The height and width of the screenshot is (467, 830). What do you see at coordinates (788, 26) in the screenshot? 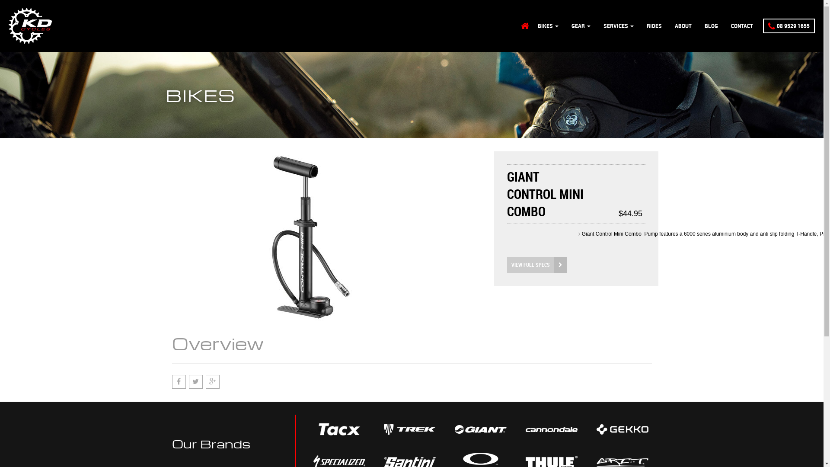
I see `'08 9529 1655'` at bounding box center [788, 26].